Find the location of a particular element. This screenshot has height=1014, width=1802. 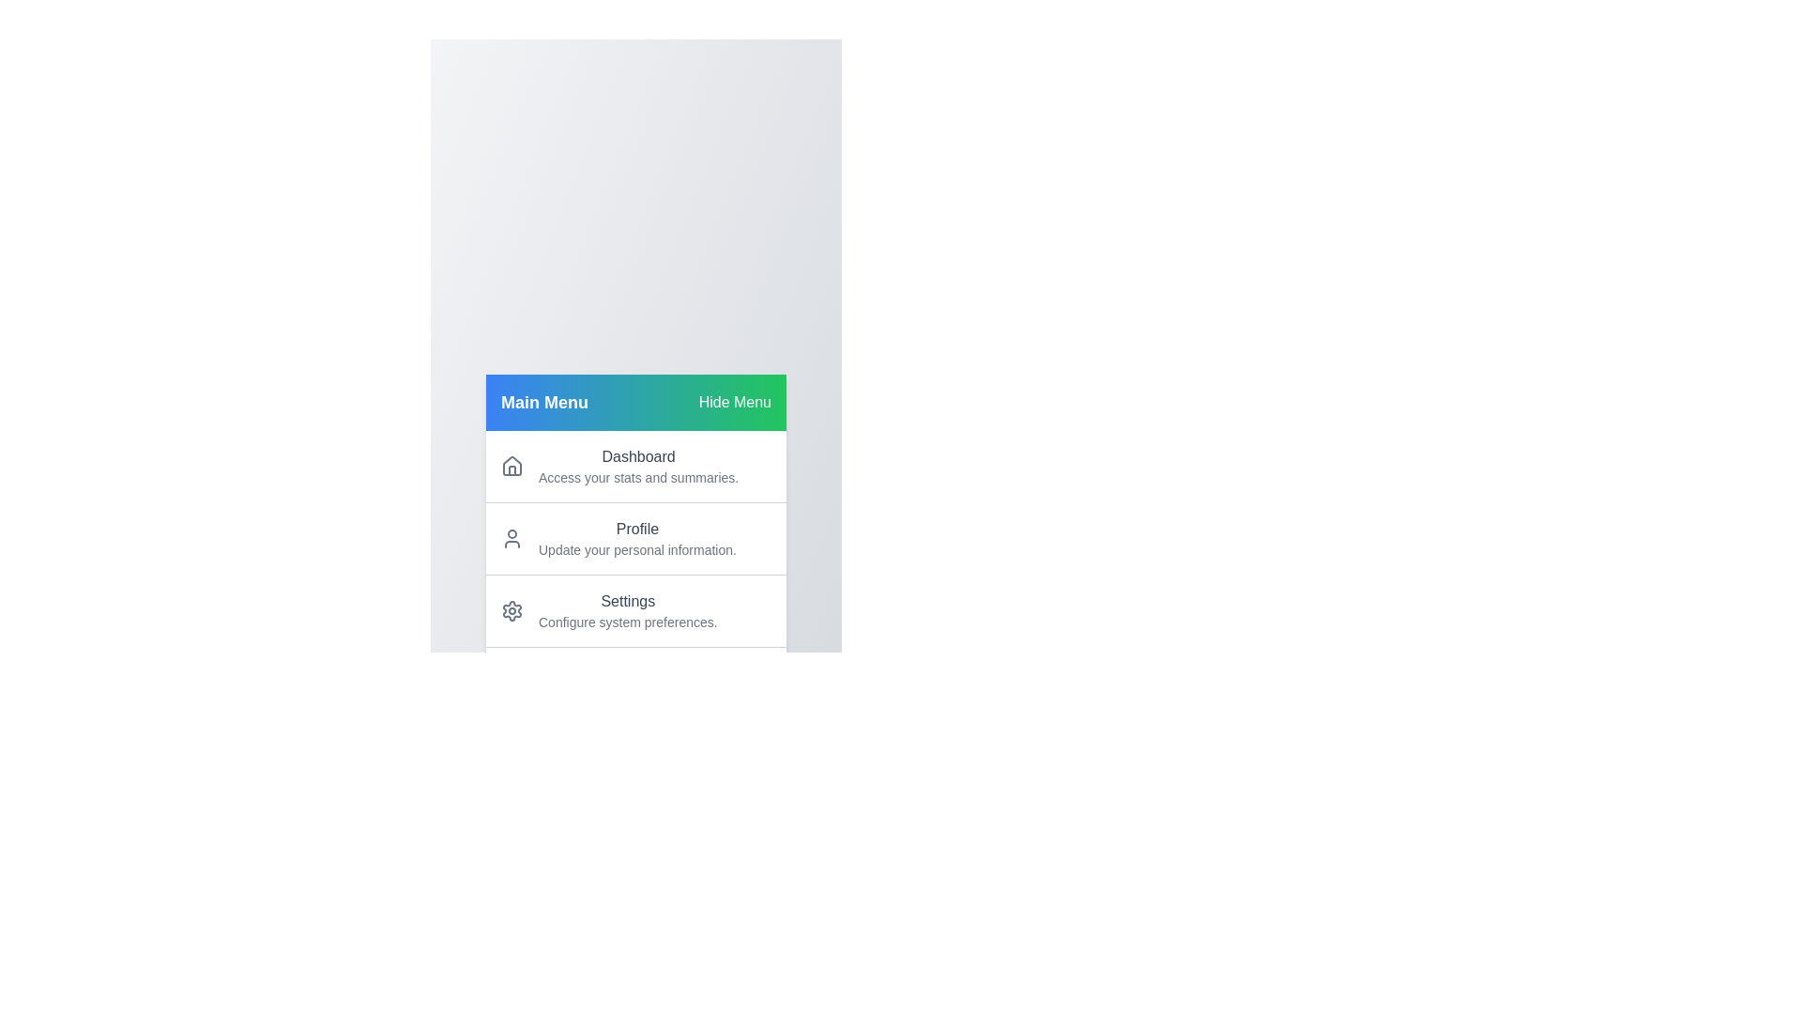

the menu item labeled Dashboard is located at coordinates (635, 465).